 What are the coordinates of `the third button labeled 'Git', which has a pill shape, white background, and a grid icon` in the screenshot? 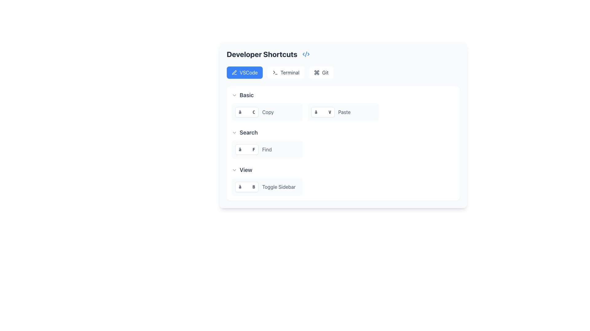 It's located at (321, 72).